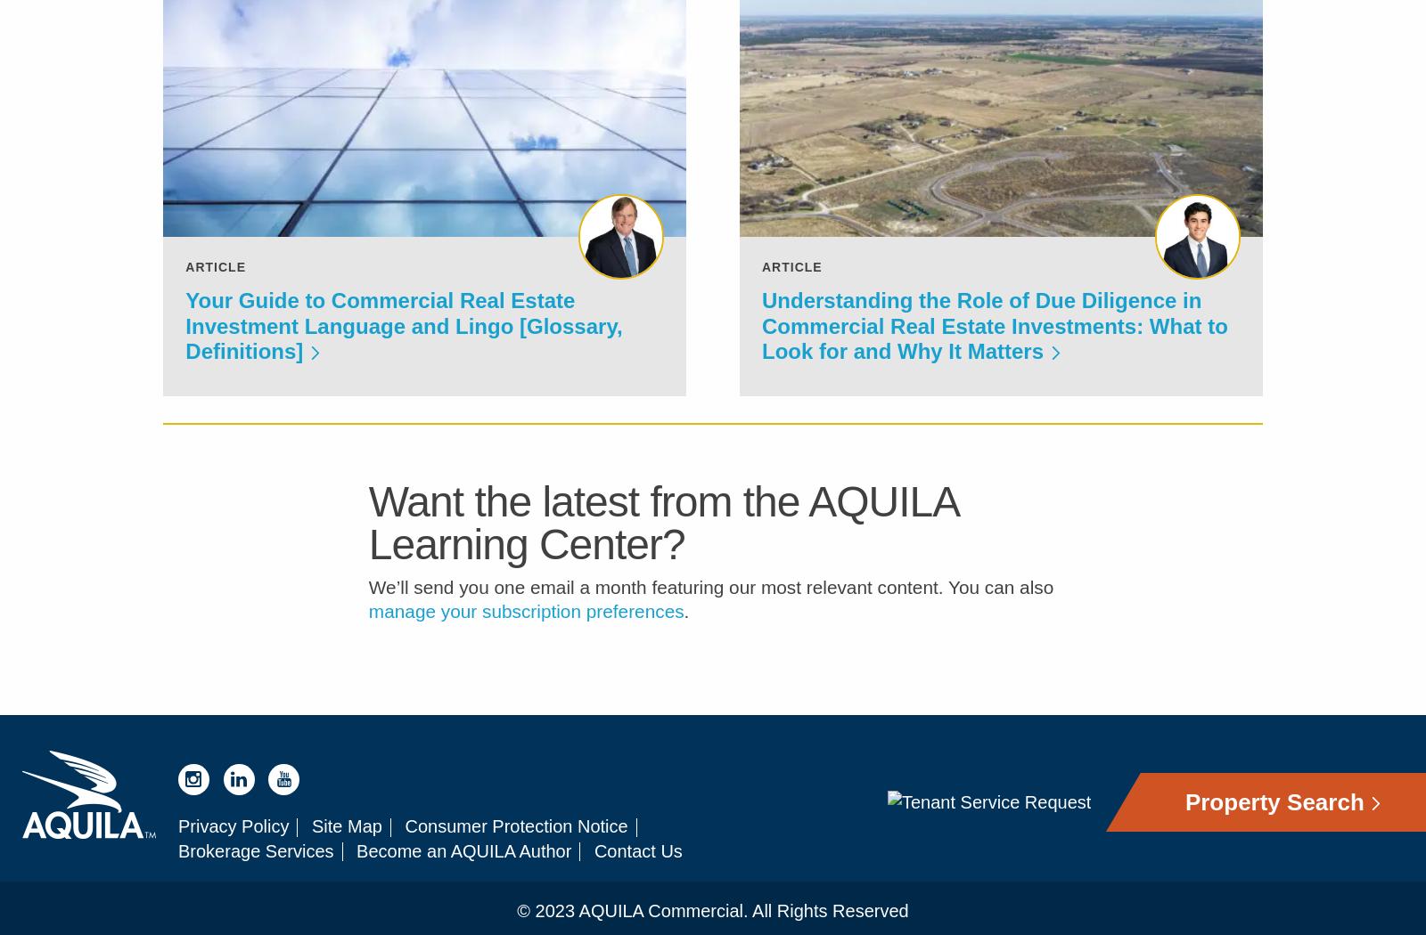  Describe the element at coordinates (662, 534) in the screenshot. I see `'Want the latest from the AQUILA Learning Center?'` at that location.